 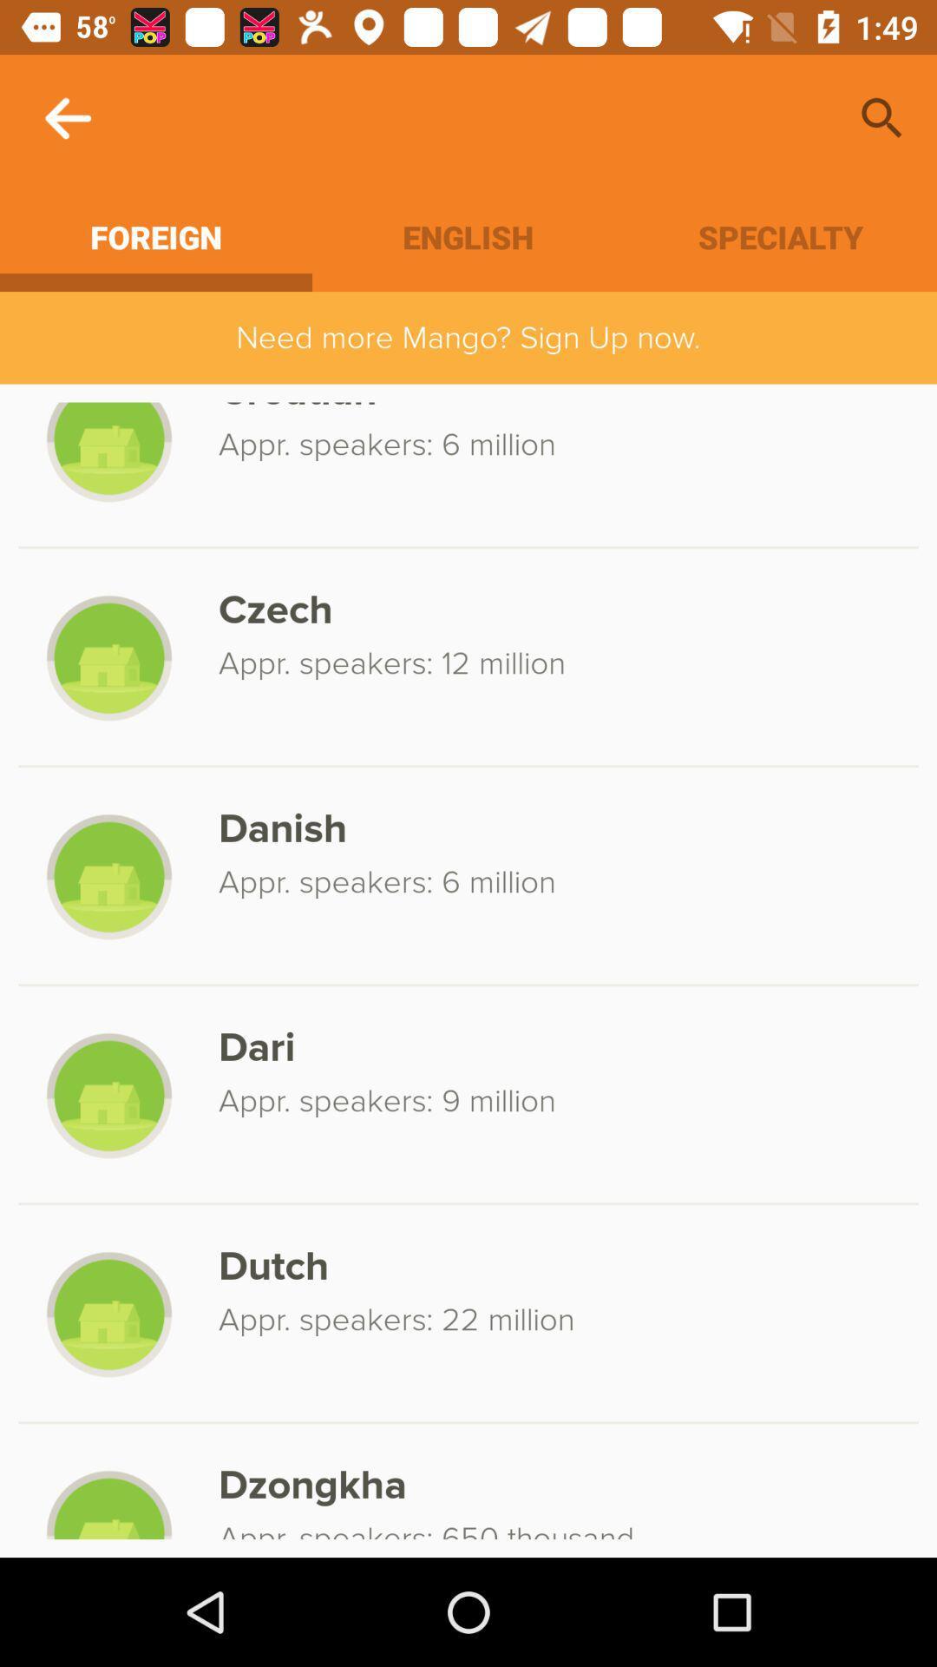 I want to click on need more mango, so click(x=468, y=338).